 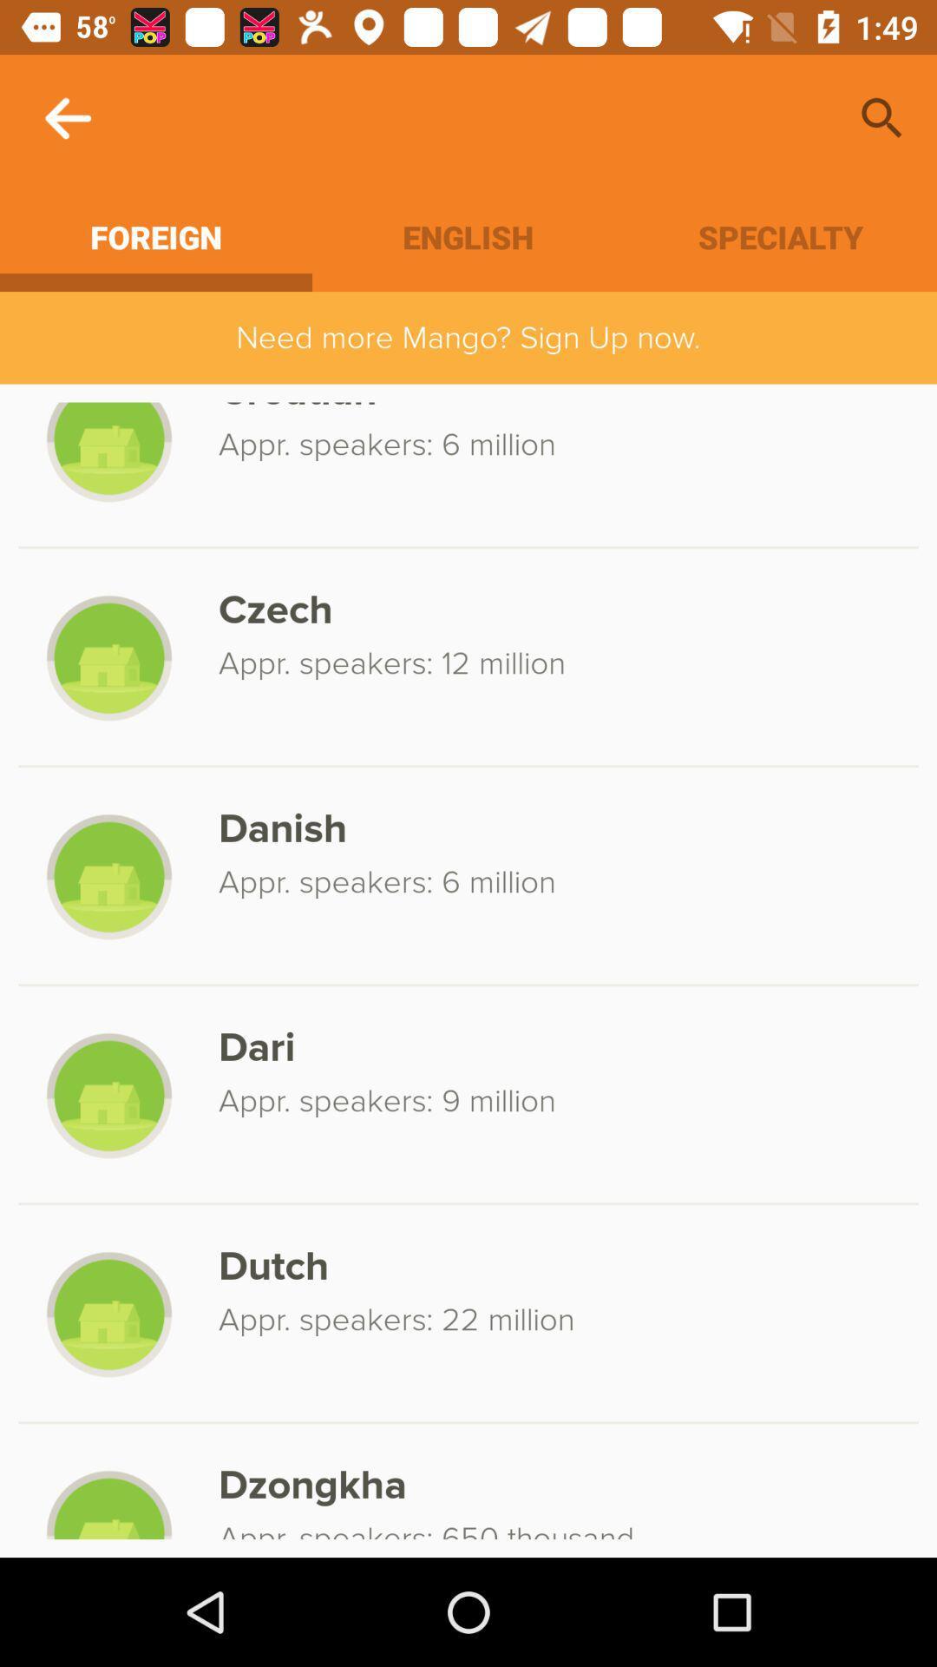 I want to click on need more mango, so click(x=468, y=338).